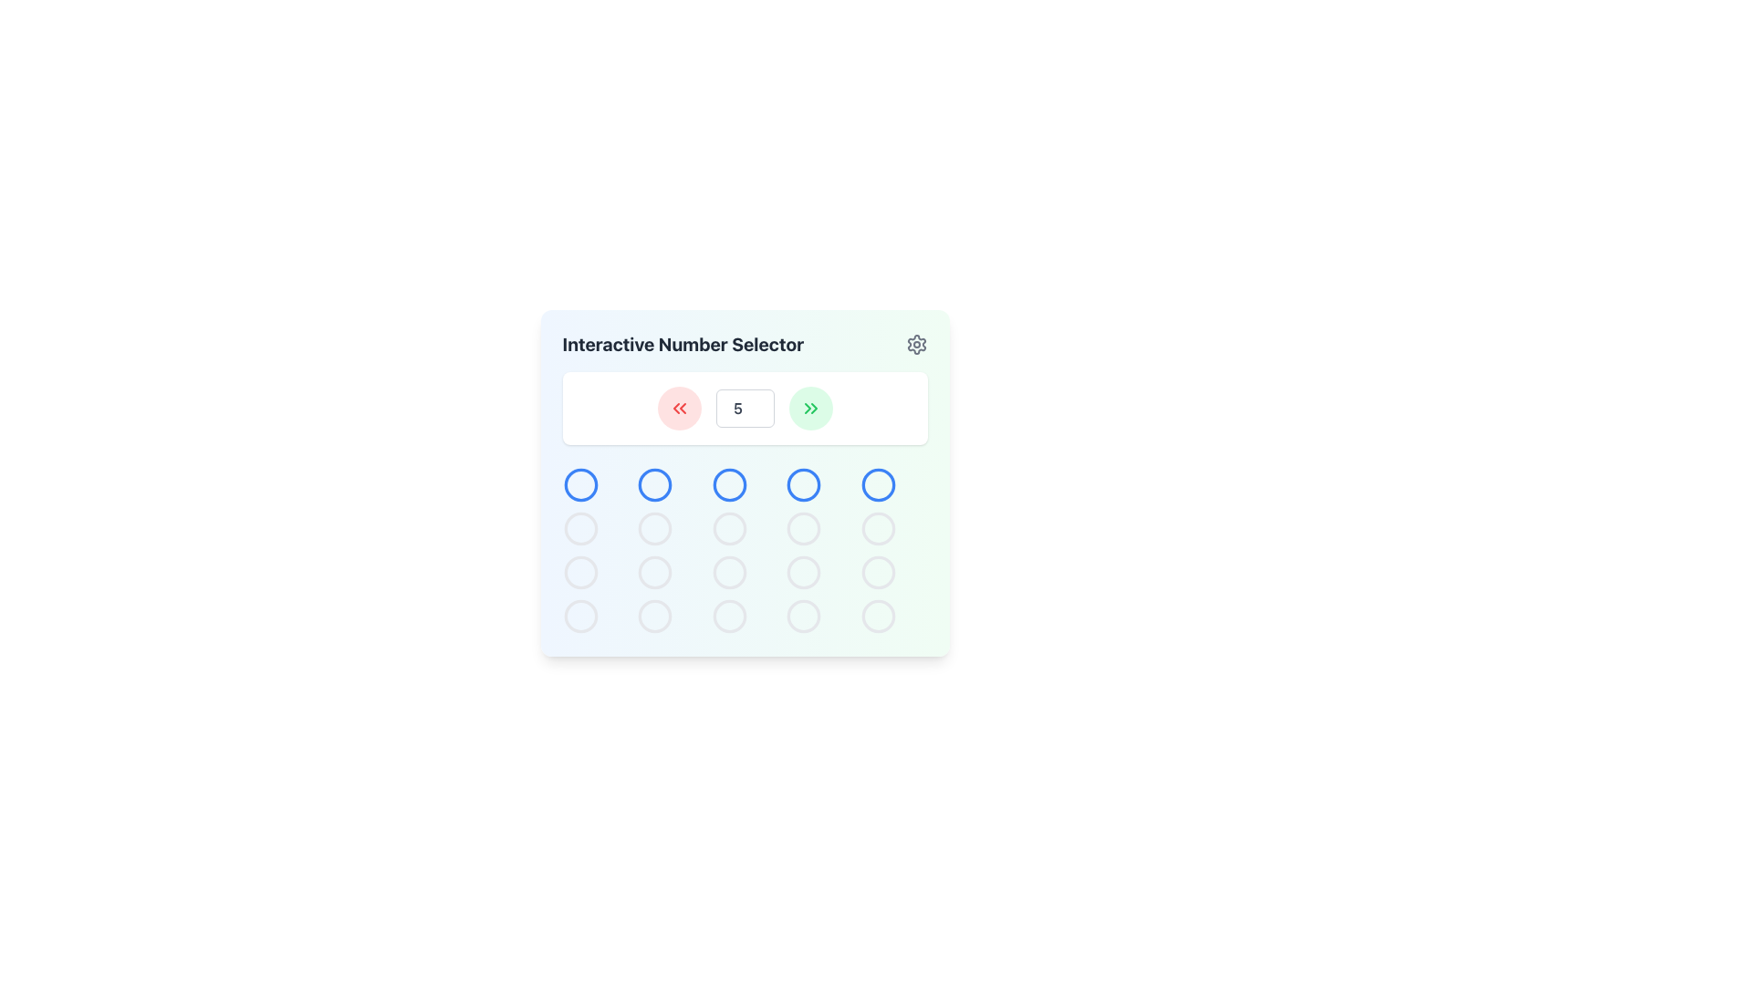 The image size is (1752, 985). What do you see at coordinates (728, 616) in the screenshot?
I see `the Circular indicator located in the third row and third column of the grid below the 'Interactive Number Selector'` at bounding box center [728, 616].